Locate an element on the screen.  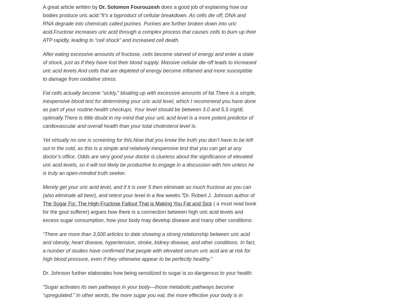
'There is a simple, inexpensive blood test for determining your uric acid level, which I recommend you have done as part of your routine health checkups. Your level should be between 3.0 and 5.5 mg/dl, optimally.' is located at coordinates (149, 105).